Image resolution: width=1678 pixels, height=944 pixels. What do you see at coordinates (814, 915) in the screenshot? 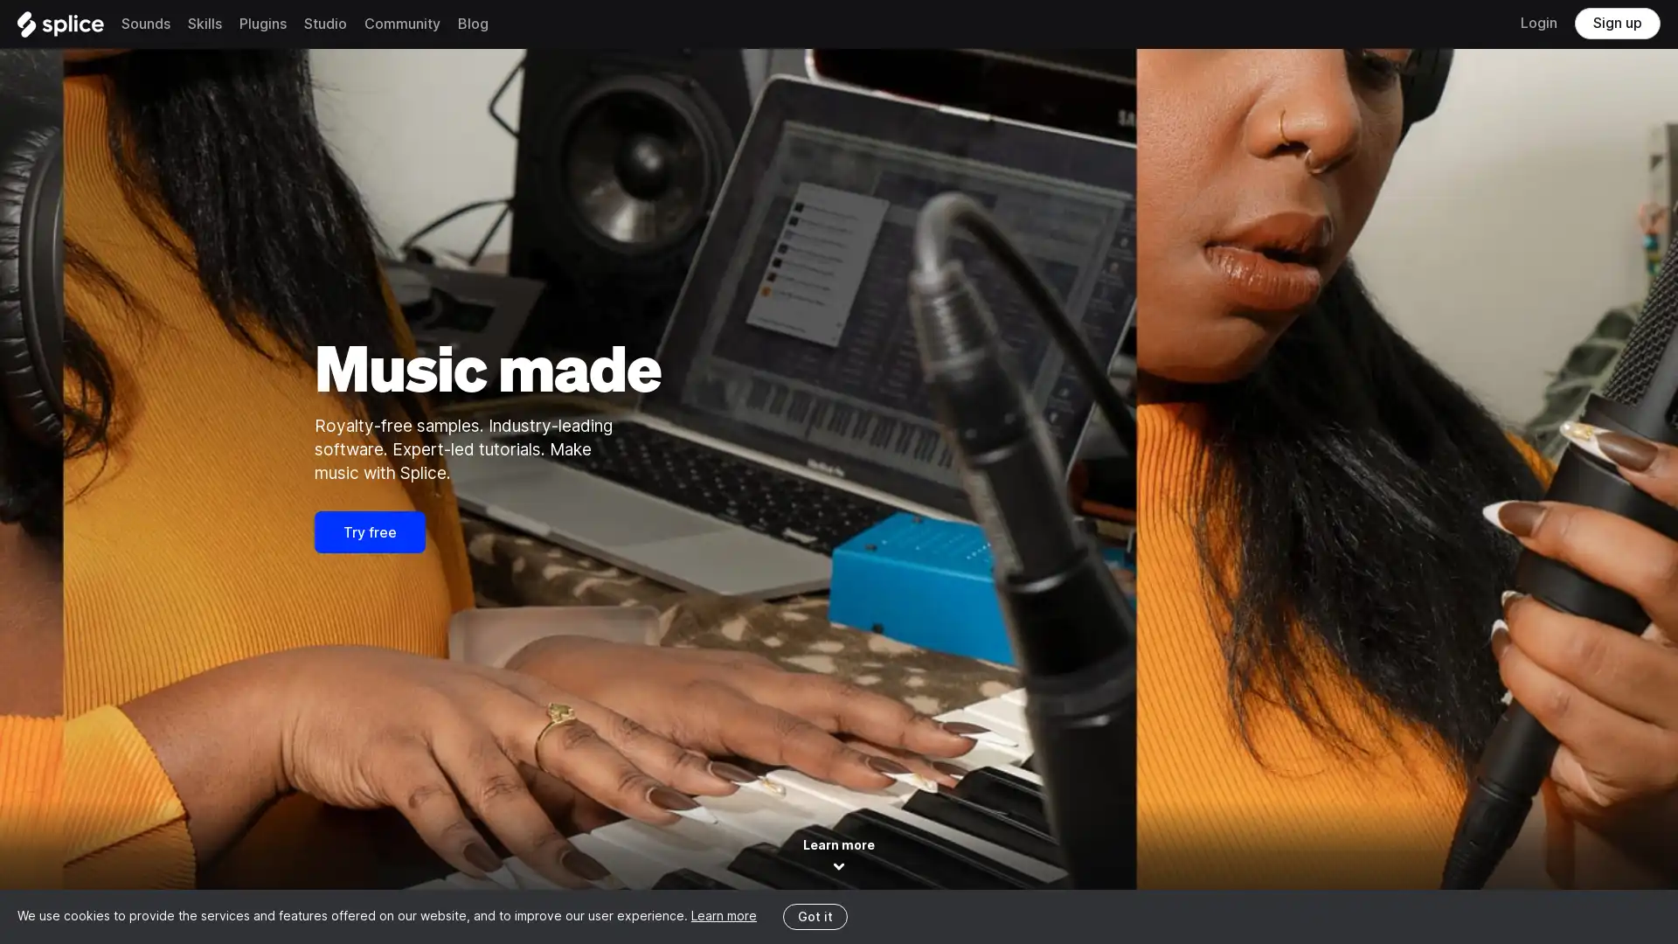
I see `Got it` at bounding box center [814, 915].